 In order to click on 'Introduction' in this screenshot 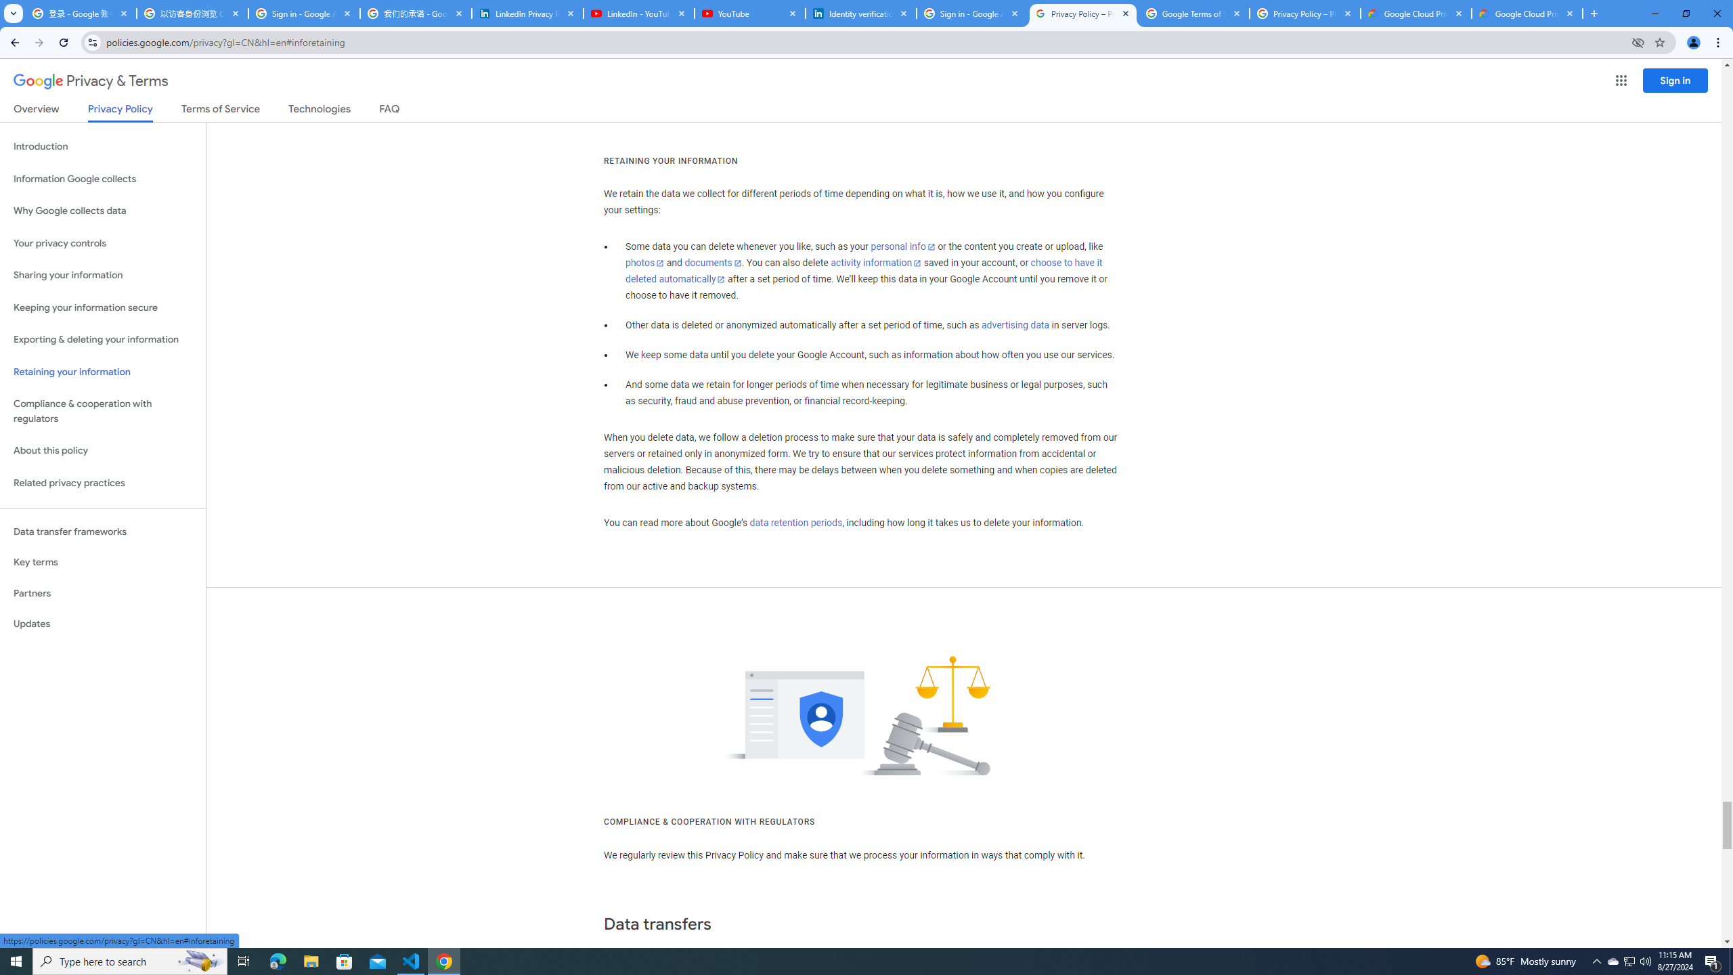, I will do `click(102, 146)`.